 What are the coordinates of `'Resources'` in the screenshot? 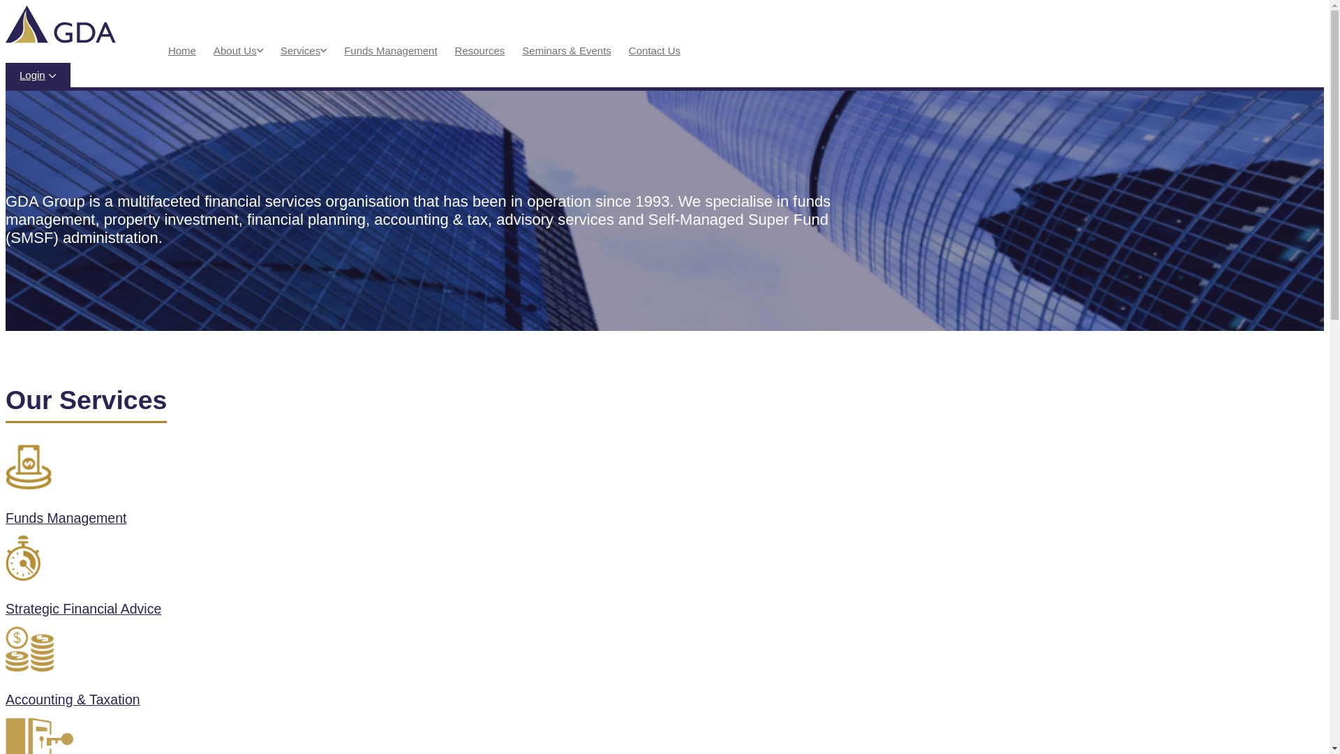 It's located at (479, 50).